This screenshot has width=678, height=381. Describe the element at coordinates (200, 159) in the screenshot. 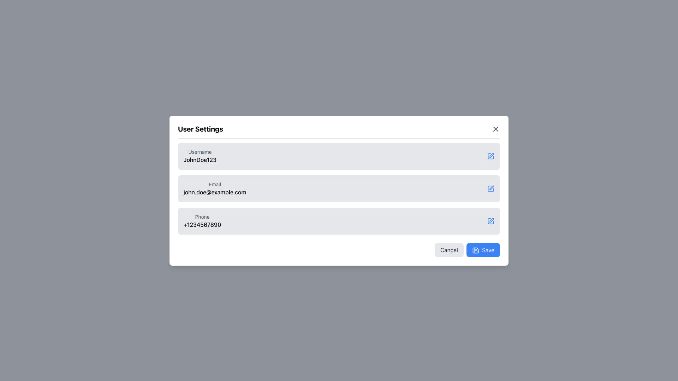

I see `the non-editable Text label displaying the username associated with the user's account, located beneath the 'Username' label in the user settings dialog box` at that location.